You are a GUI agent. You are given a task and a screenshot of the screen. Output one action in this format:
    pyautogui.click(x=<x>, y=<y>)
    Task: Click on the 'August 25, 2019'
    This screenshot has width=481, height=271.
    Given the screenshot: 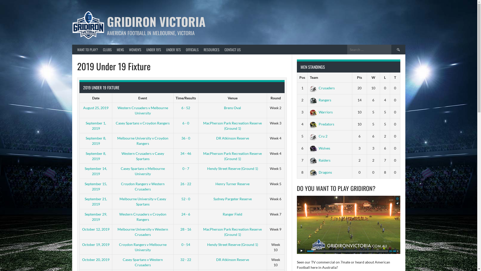 What is the action you would take?
    pyautogui.click(x=83, y=107)
    